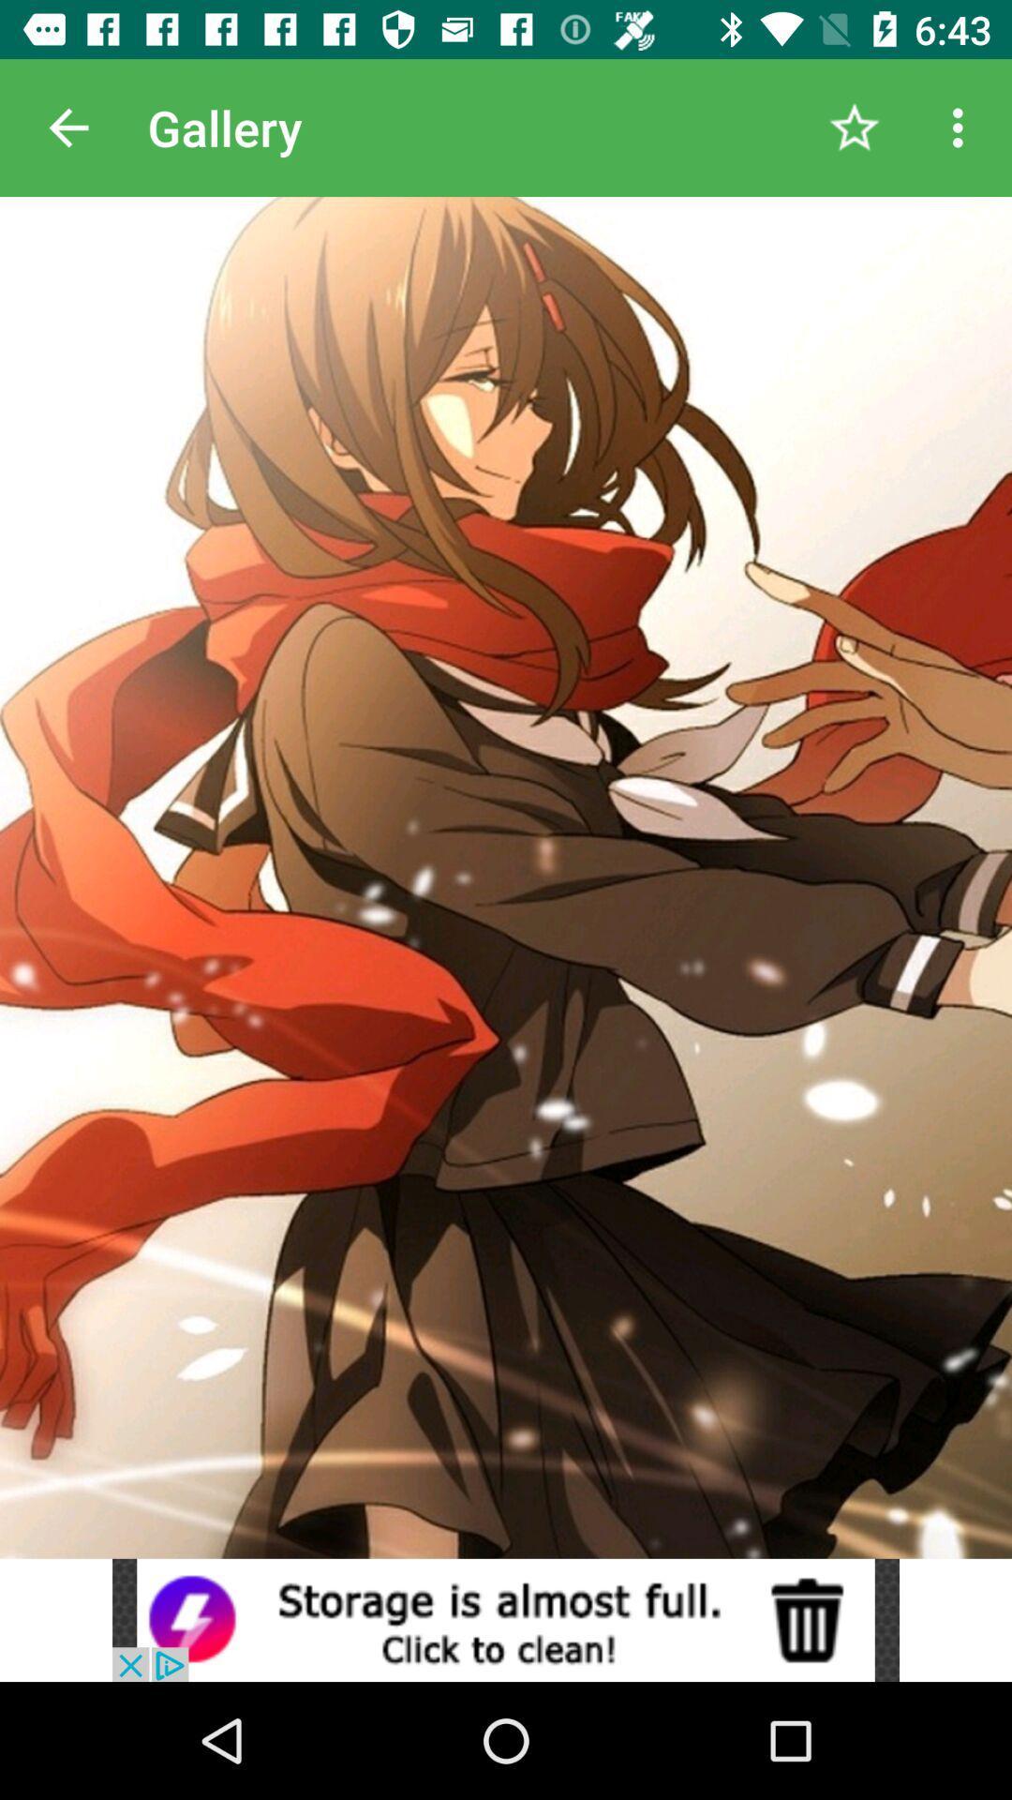 This screenshot has width=1012, height=1800. I want to click on this is an advertisement, so click(506, 1619).